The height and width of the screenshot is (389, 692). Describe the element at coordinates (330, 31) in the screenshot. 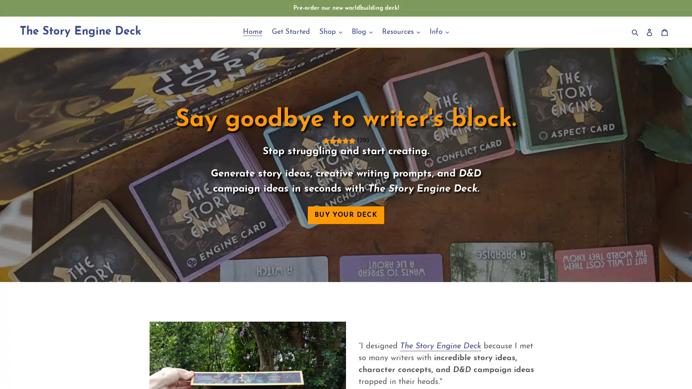

I see `Shop` at that location.